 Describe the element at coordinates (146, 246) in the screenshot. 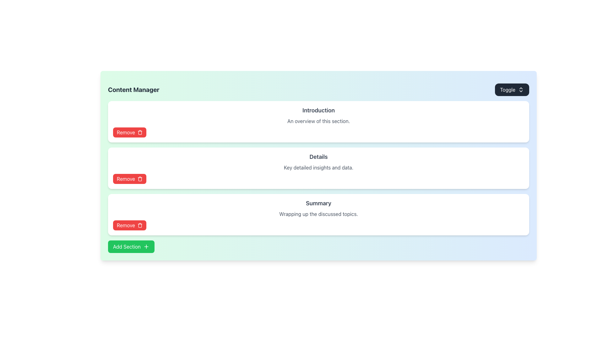

I see `the plus icon, which is a decorative SVG graphic outlined in dark color, located to the right of the 'Add Section' button text within the green button` at that location.